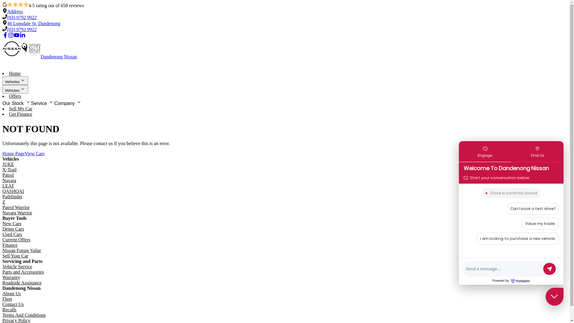  I want to click on 'Get Finance', so click(20, 114).